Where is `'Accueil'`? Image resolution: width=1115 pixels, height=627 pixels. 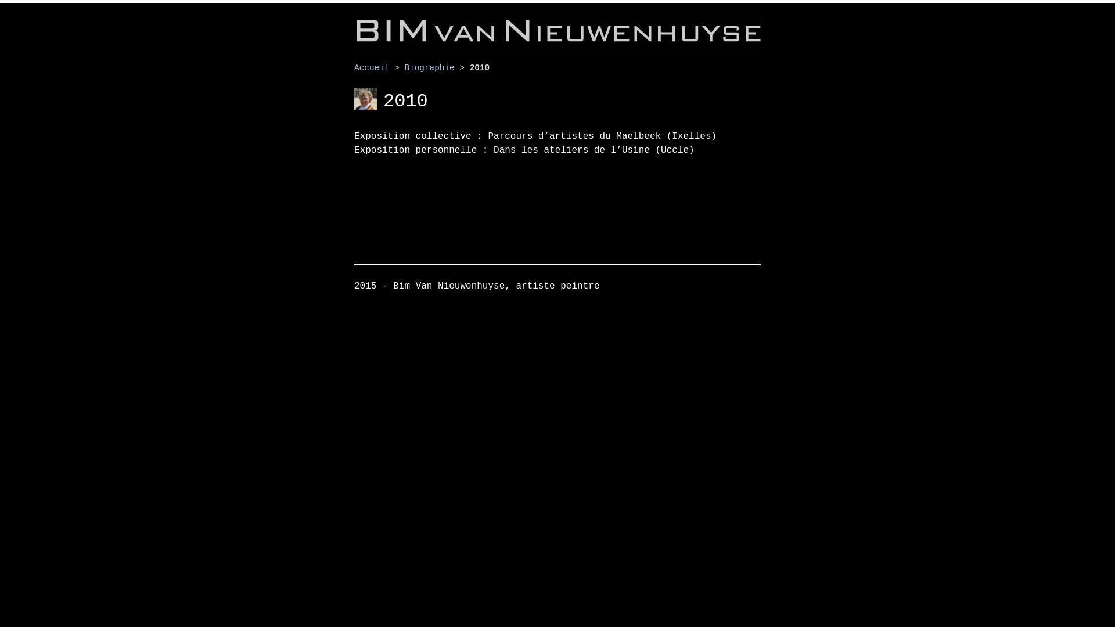 'Accueil' is located at coordinates (371, 67).